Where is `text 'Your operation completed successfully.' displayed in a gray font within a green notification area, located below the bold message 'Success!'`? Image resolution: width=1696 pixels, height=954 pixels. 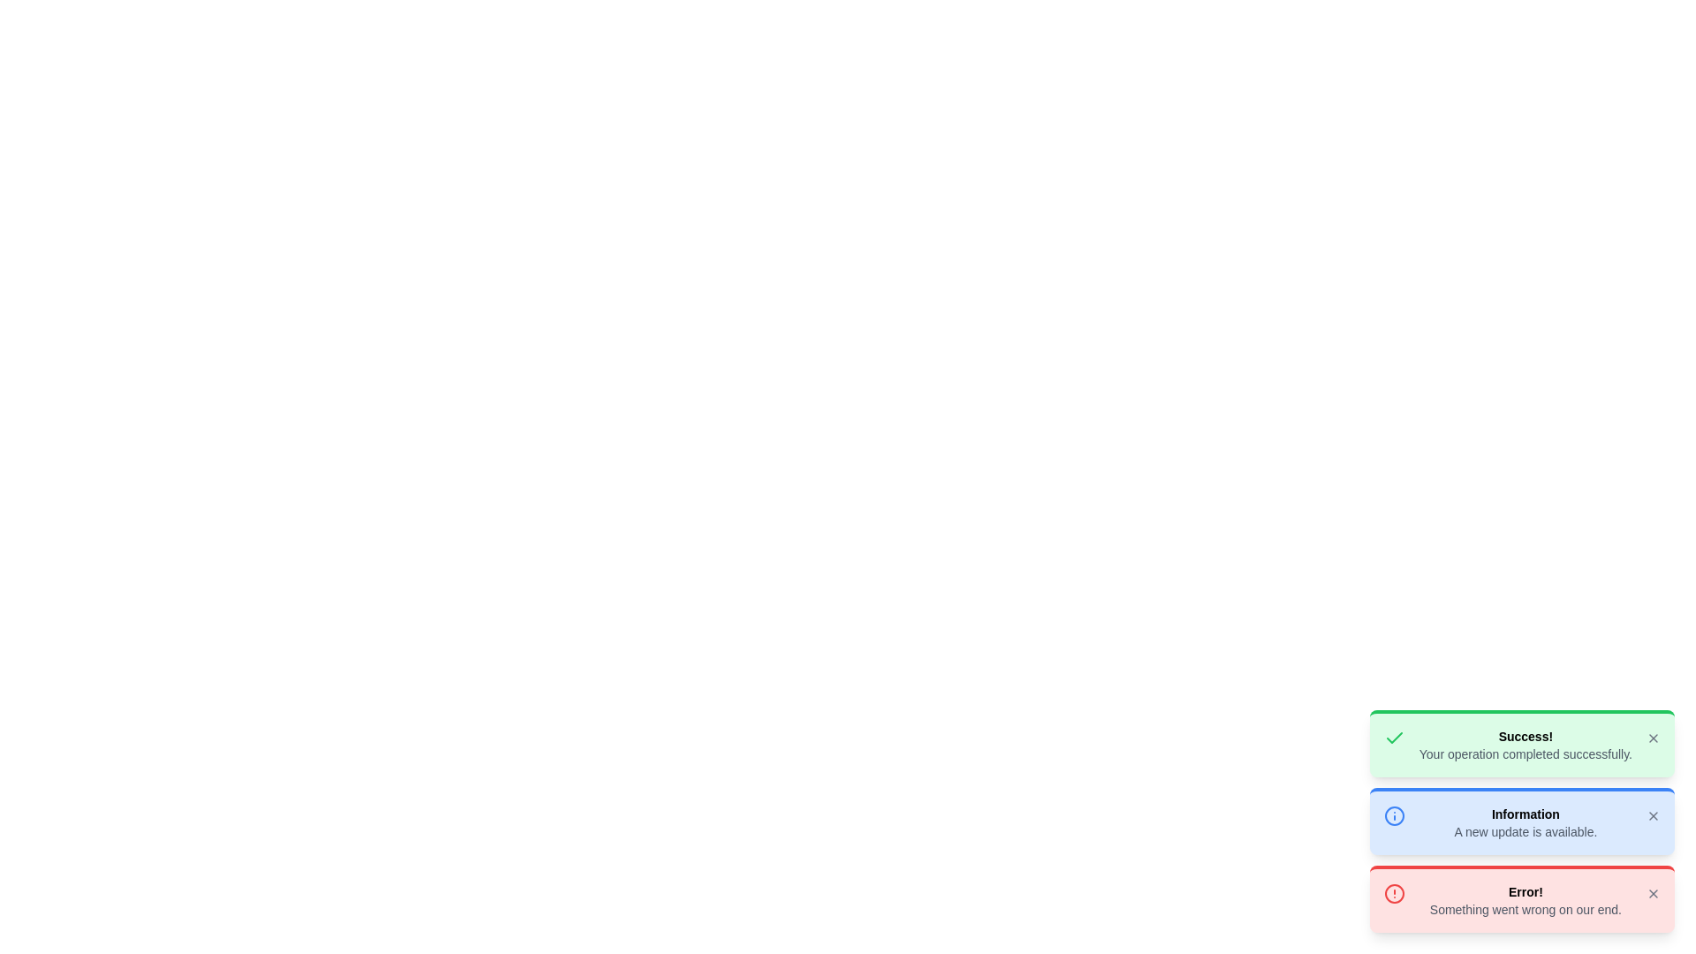
text 'Your operation completed successfully.' displayed in a gray font within a green notification area, located below the bold message 'Success!' is located at coordinates (1525, 753).